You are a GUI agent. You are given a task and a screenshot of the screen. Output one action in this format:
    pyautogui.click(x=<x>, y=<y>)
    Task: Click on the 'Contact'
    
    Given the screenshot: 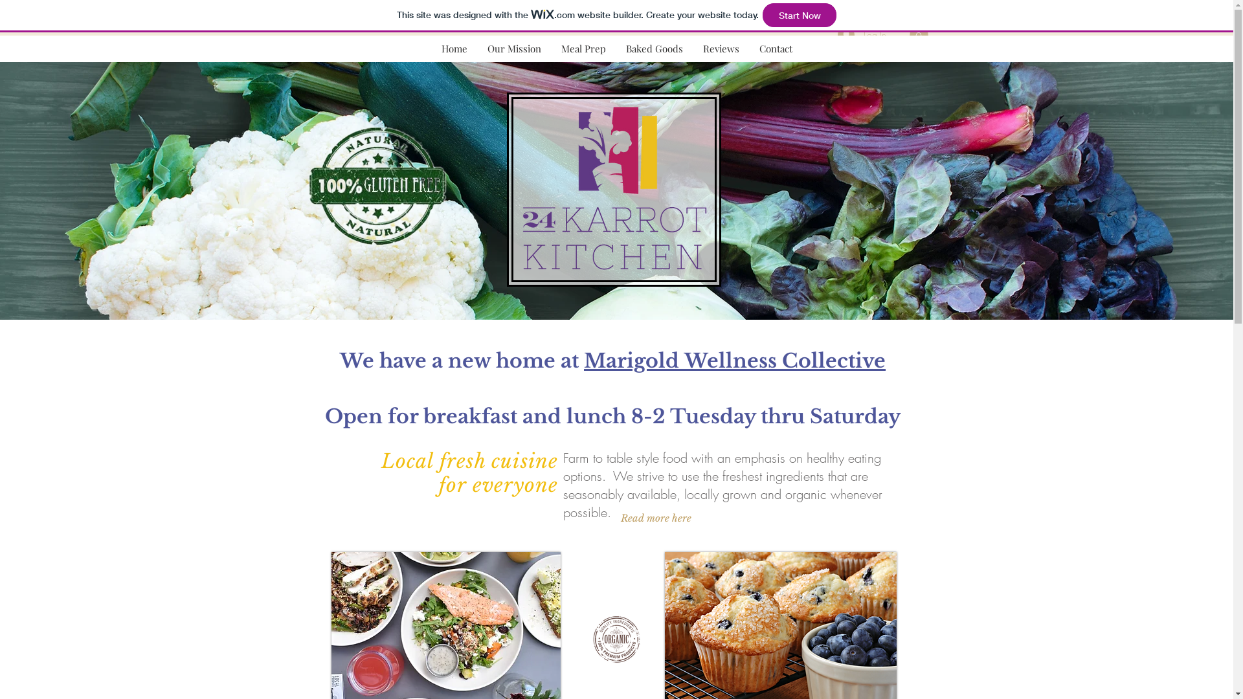 What is the action you would take?
    pyautogui.click(x=776, y=48)
    